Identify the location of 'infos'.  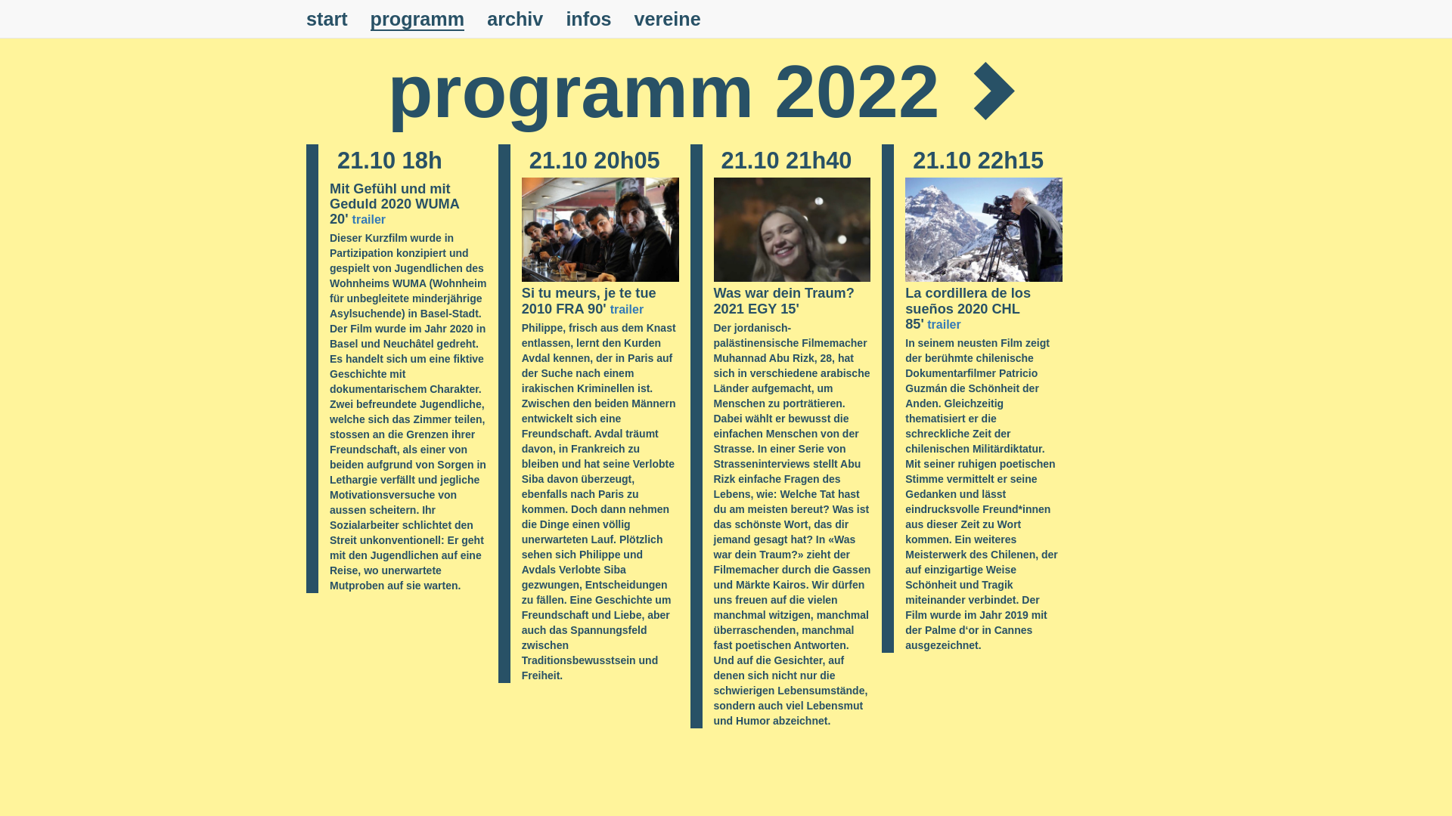
(587, 18).